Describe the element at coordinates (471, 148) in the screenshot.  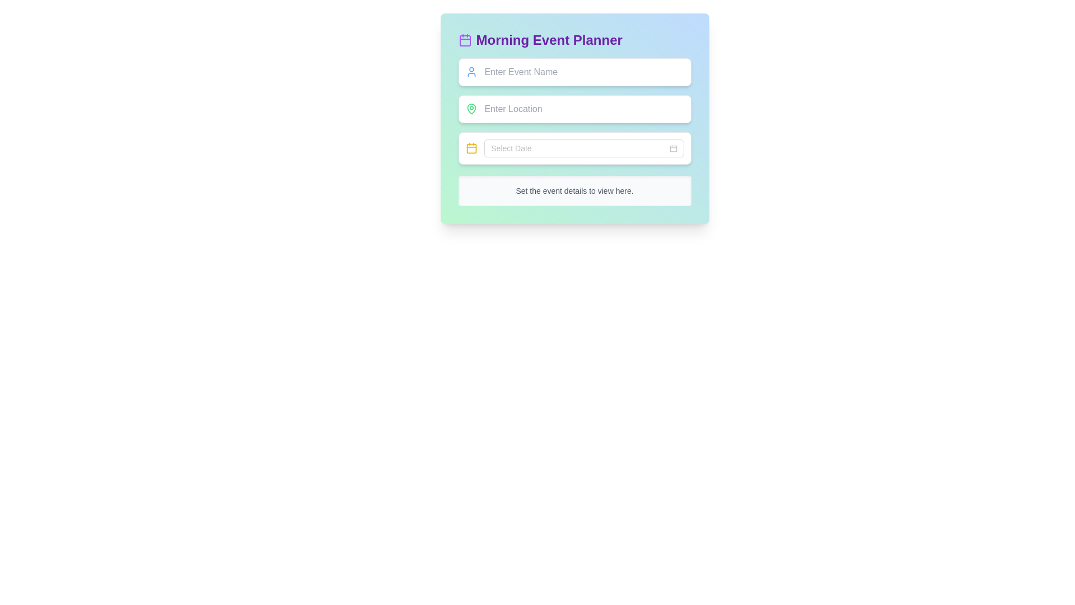
I see `yellow square icon with rounded corners within the calendar SVG graphic, which is positioned adjacent to the 'Select Date' text field` at that location.